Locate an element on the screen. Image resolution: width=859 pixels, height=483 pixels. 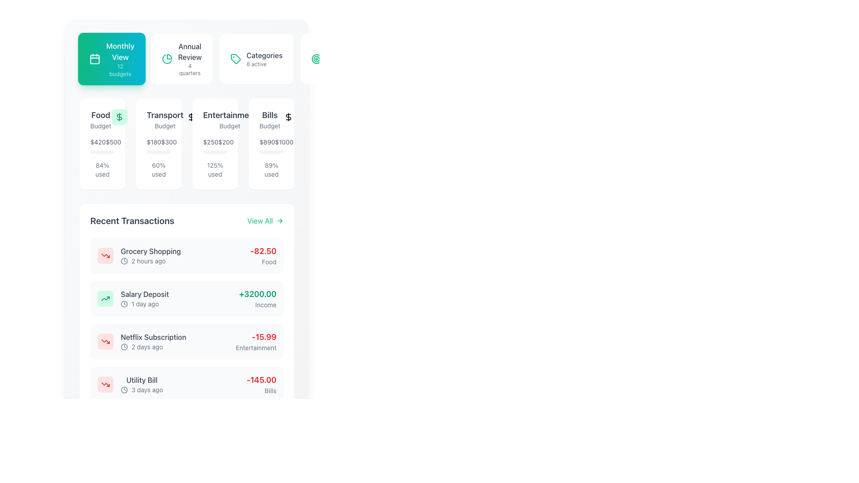
text '3 days ago' from the Label with icon located in the fourth row of the 'Recent Transactions' list under the 'Utility Bill' transaction is located at coordinates (141, 389).